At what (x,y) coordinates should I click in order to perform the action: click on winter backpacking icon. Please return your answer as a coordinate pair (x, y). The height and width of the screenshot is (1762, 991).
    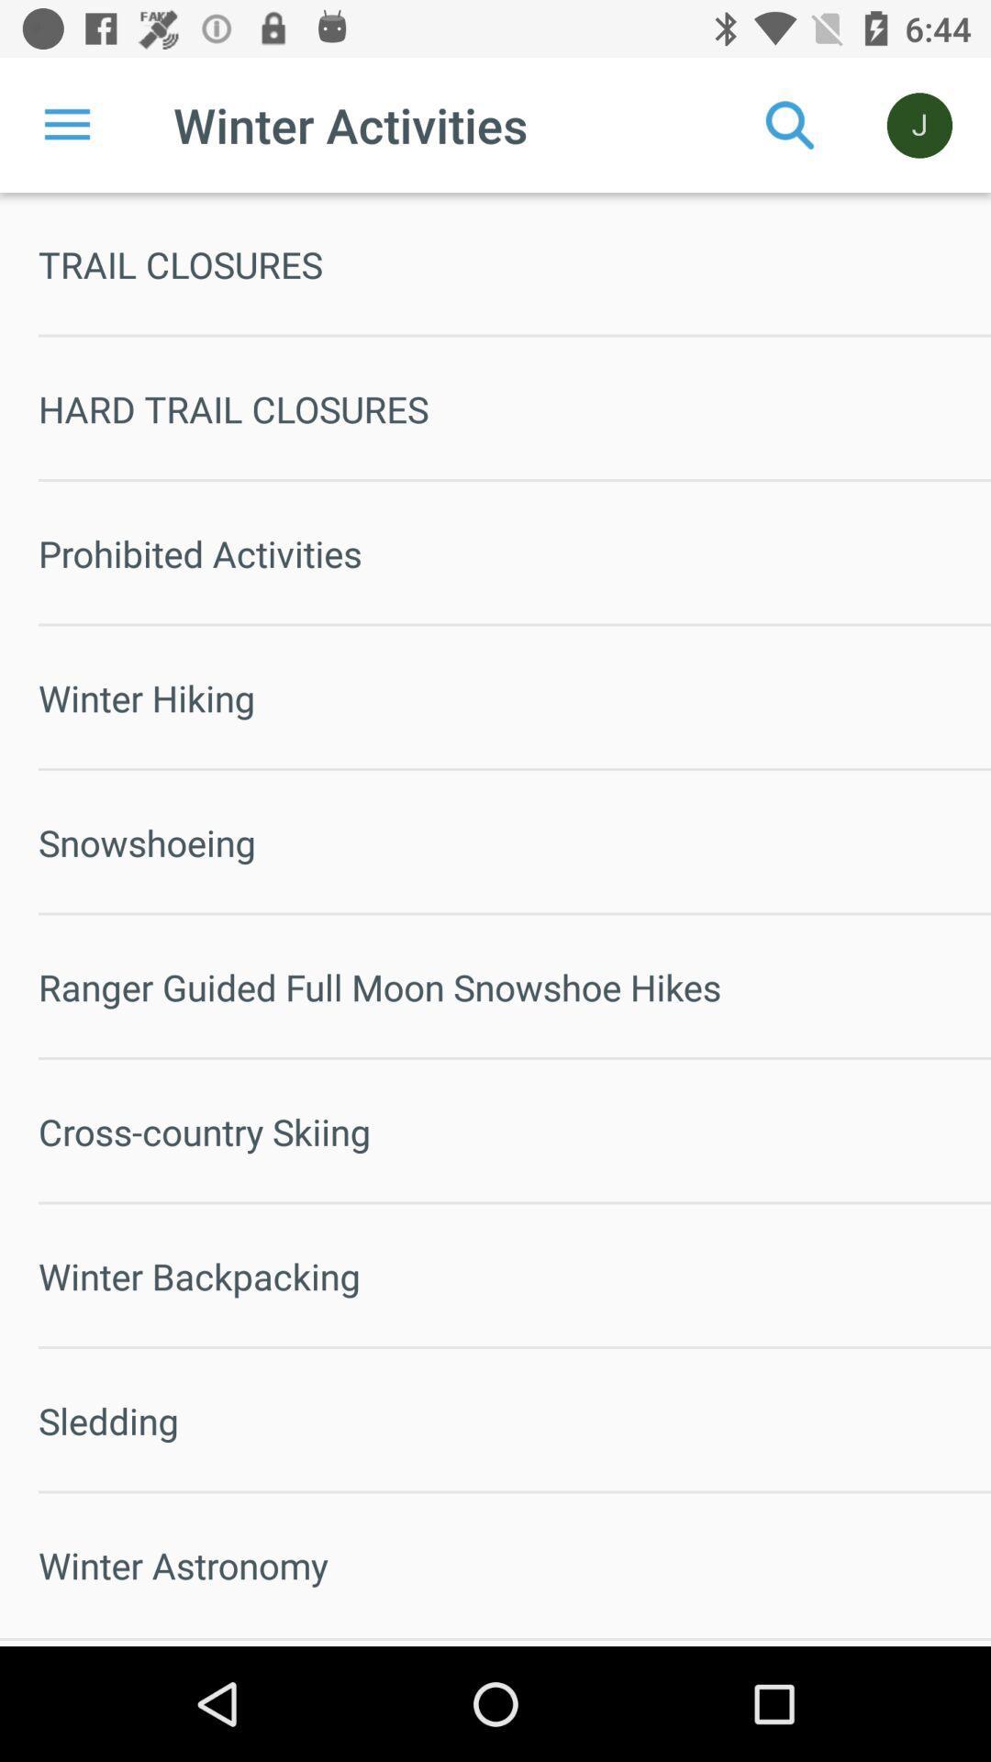
    Looking at the image, I should click on (514, 1275).